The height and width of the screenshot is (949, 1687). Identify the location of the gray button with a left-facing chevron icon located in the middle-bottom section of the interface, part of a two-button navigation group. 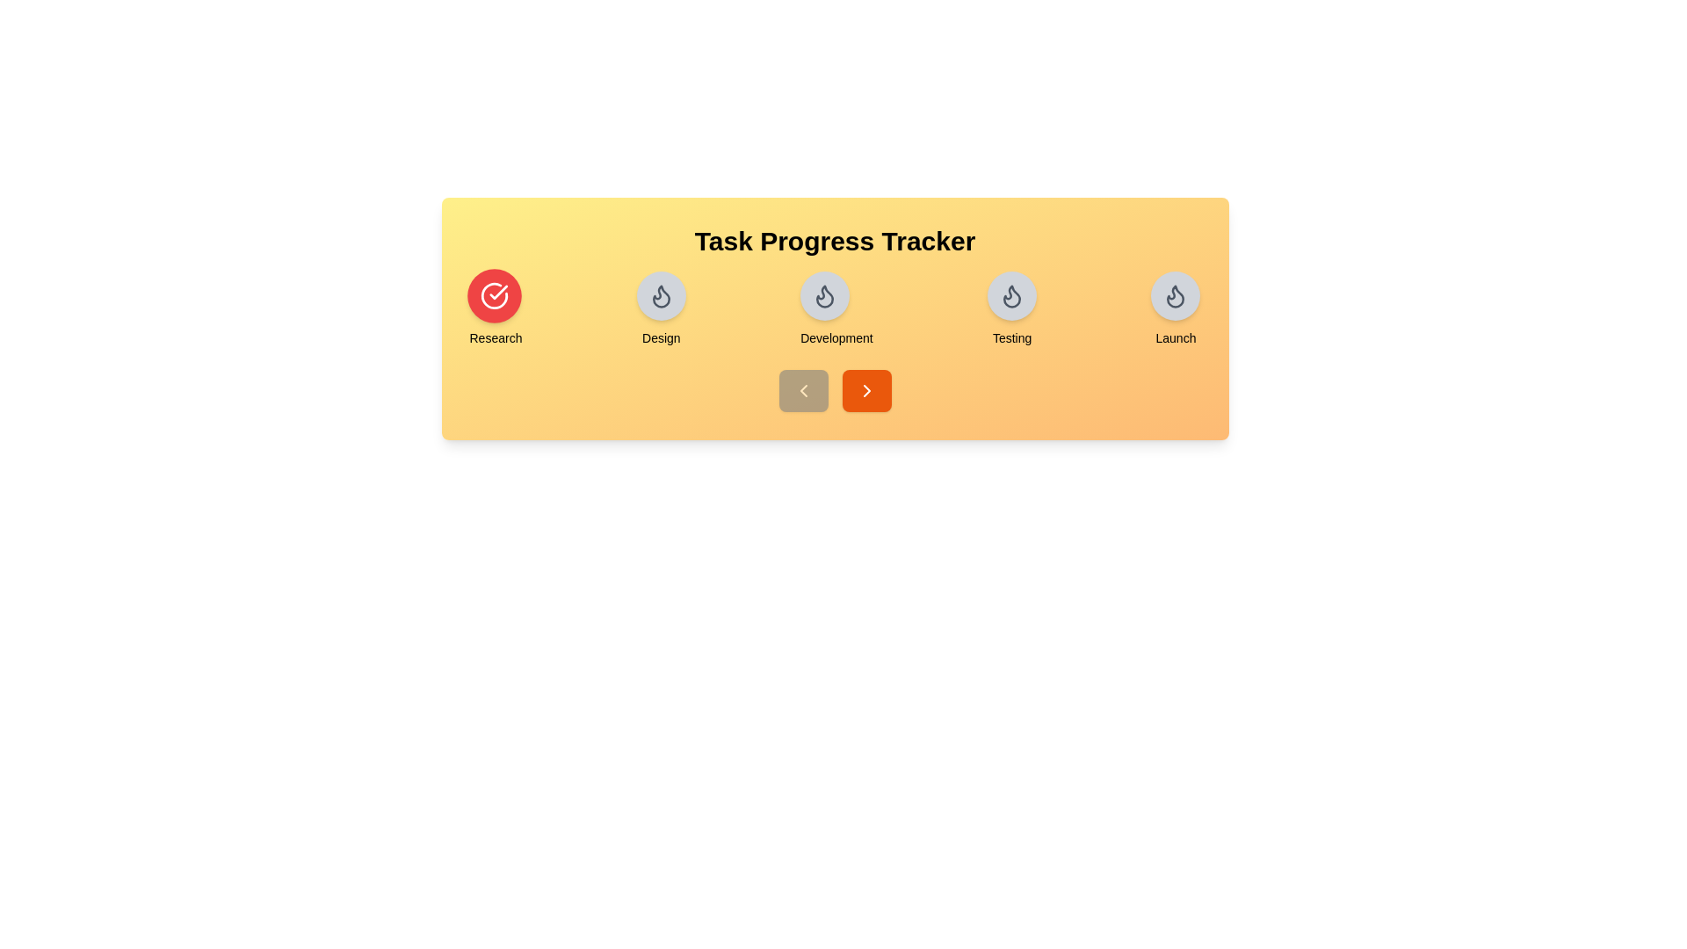
(802, 389).